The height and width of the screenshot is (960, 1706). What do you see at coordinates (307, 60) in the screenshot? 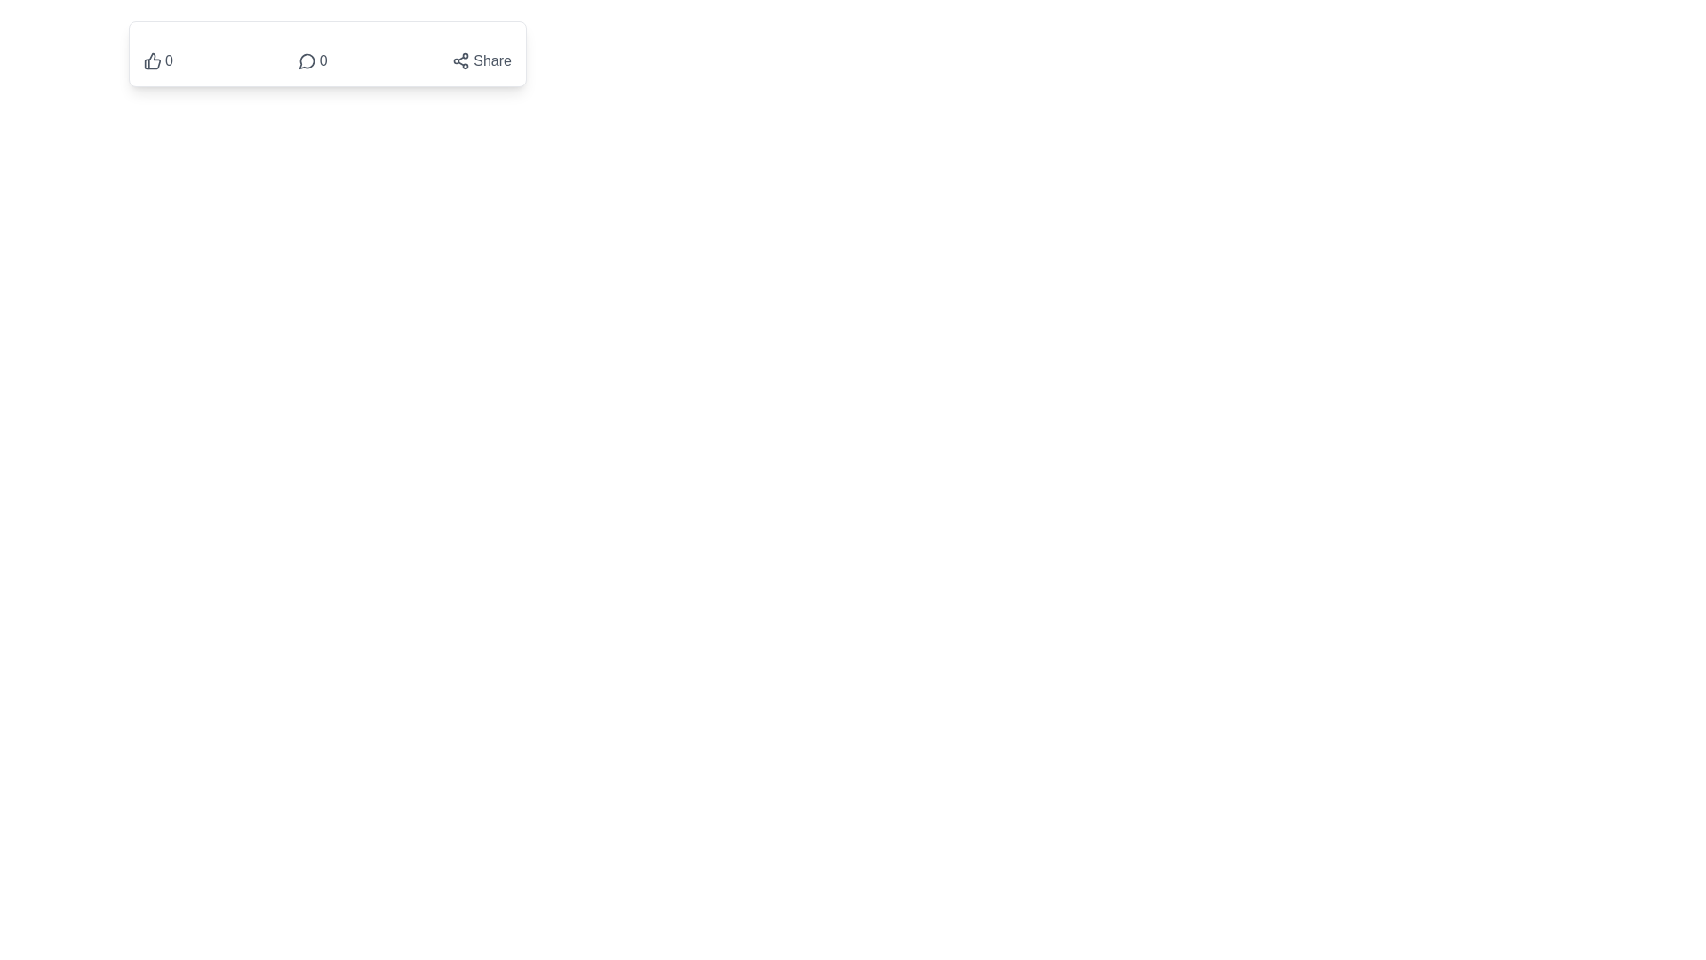
I see `the circular icon with a speech bubble design, which is positioned next to the numeric text '0', indicating its function as a counter or messaging feature` at bounding box center [307, 60].